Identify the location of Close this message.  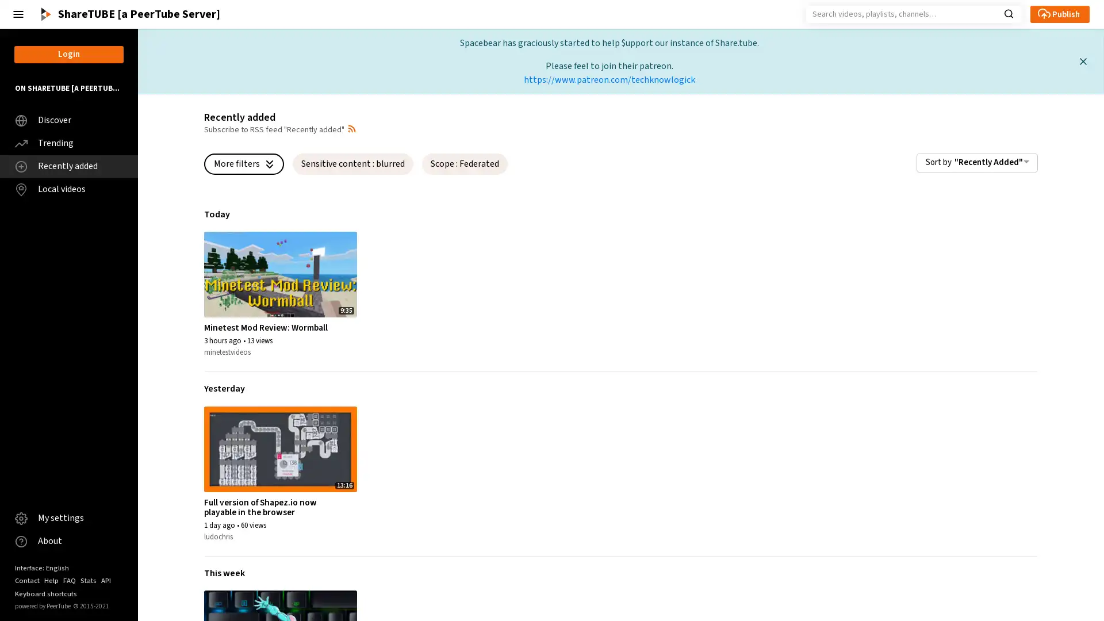
(1082, 61).